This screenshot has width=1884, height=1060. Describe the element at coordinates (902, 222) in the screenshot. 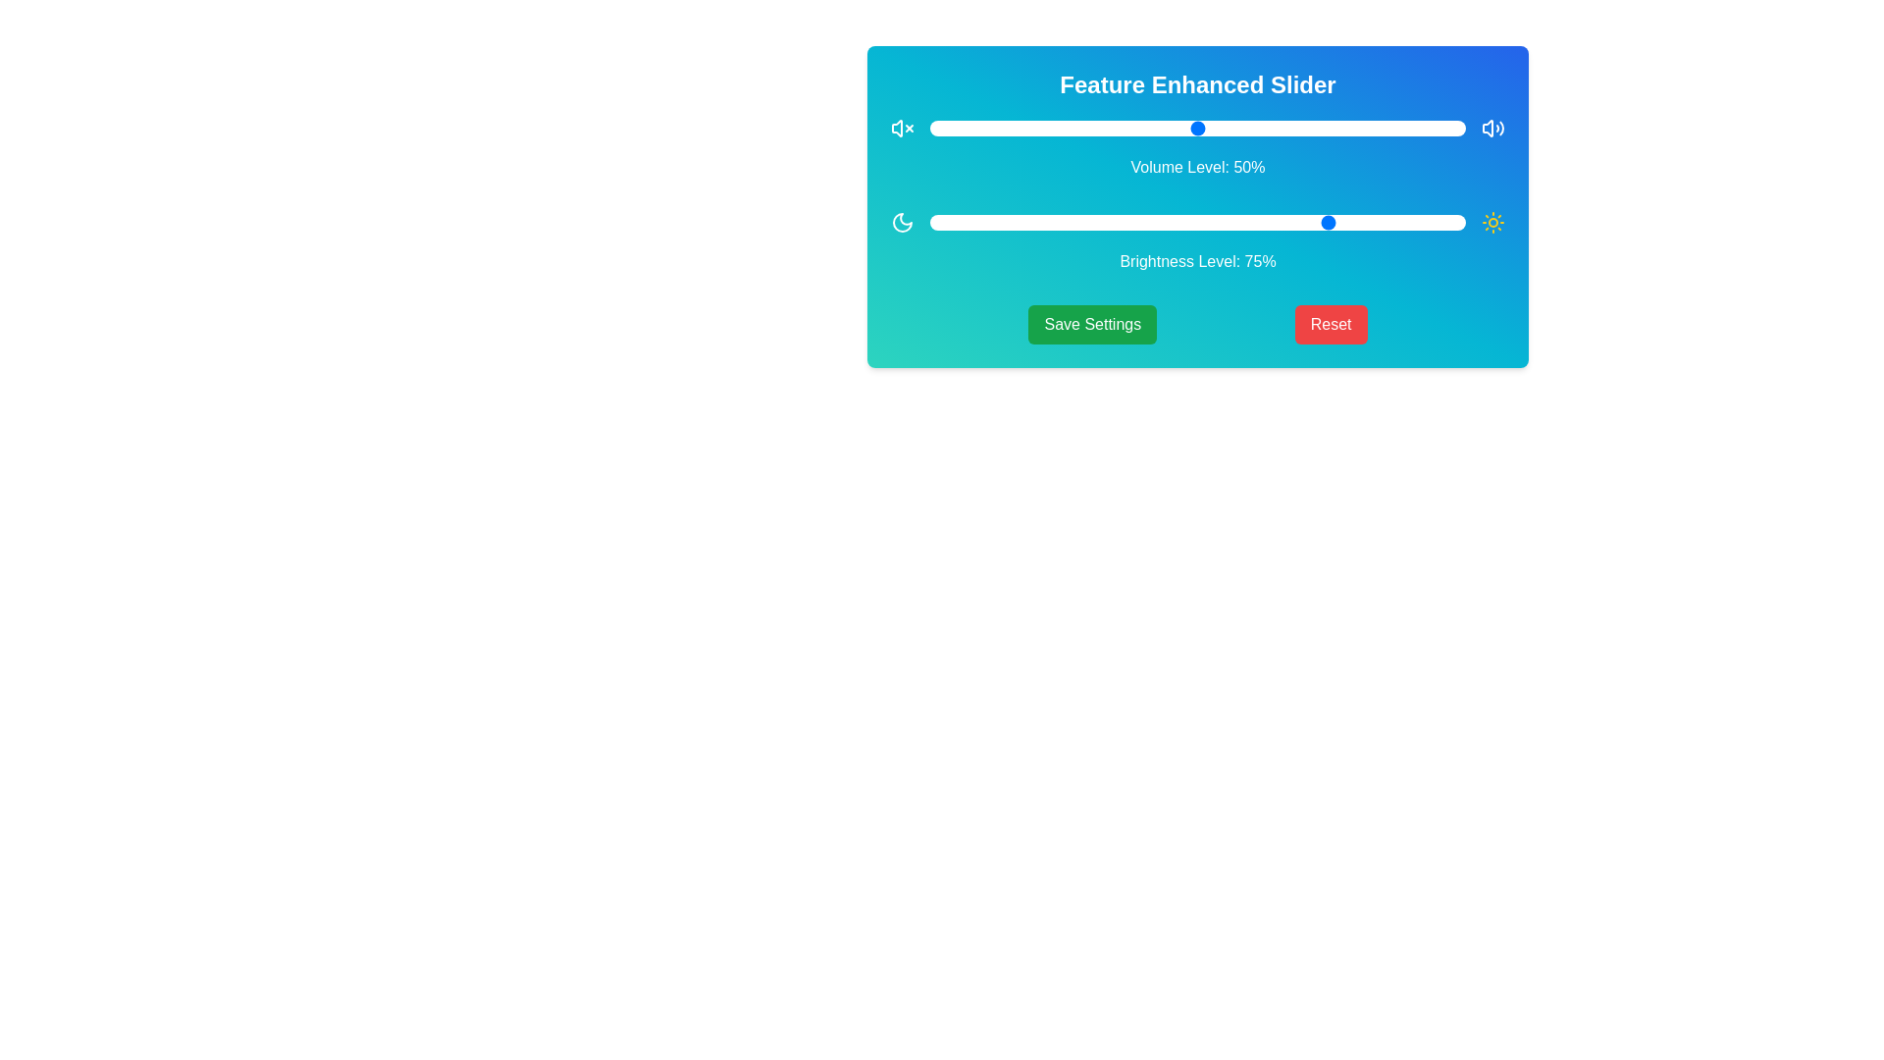

I see `the graphical SVG icon representing night mode or brightness controls, located to the left of the 'Brightness Level: 75%' slider` at that location.